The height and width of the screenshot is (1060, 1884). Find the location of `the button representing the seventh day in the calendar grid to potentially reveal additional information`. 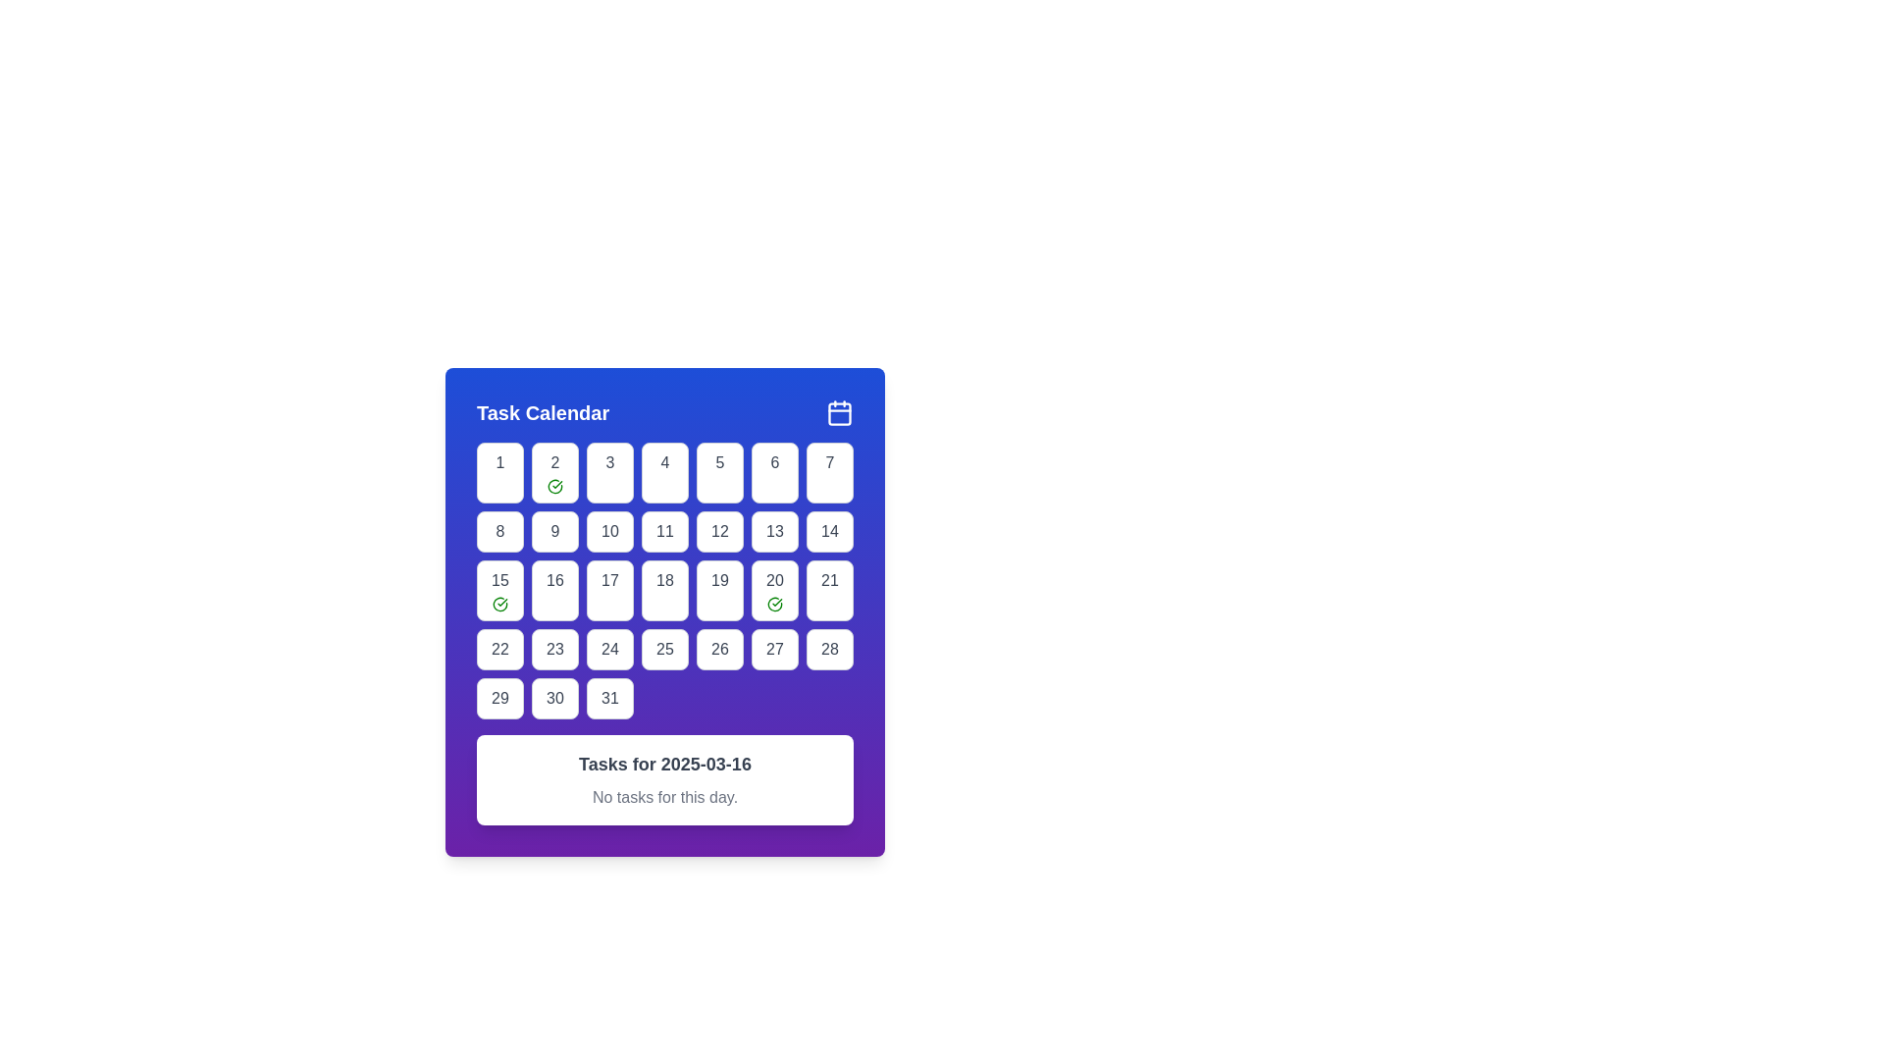

the button representing the seventh day in the calendar grid to potentially reveal additional information is located at coordinates (829, 473).